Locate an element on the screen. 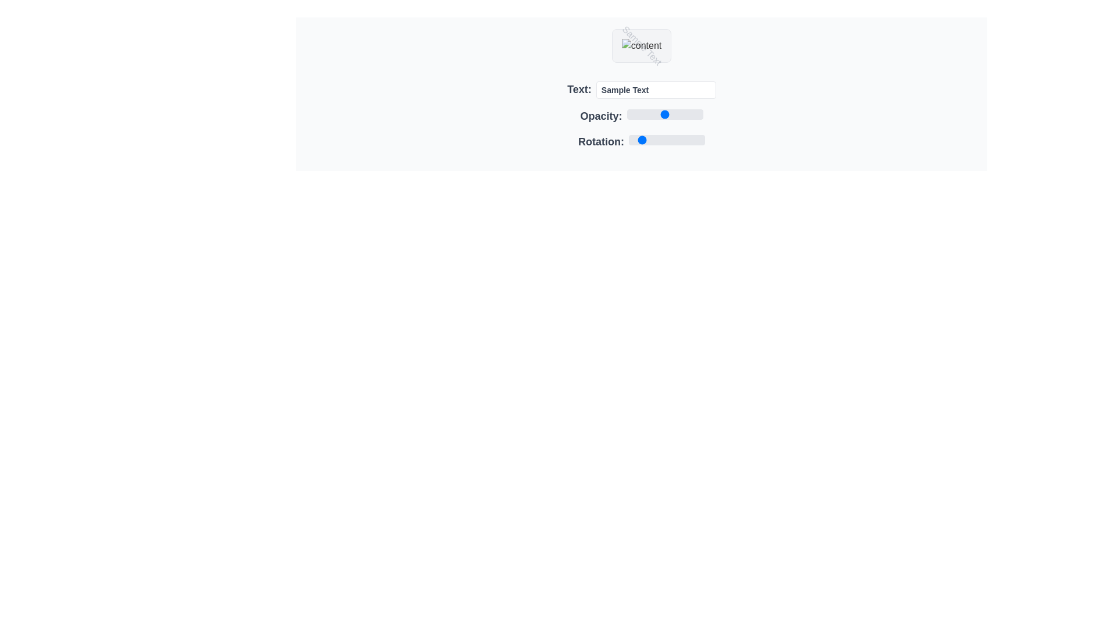  the rotation slider is located at coordinates (689, 139).